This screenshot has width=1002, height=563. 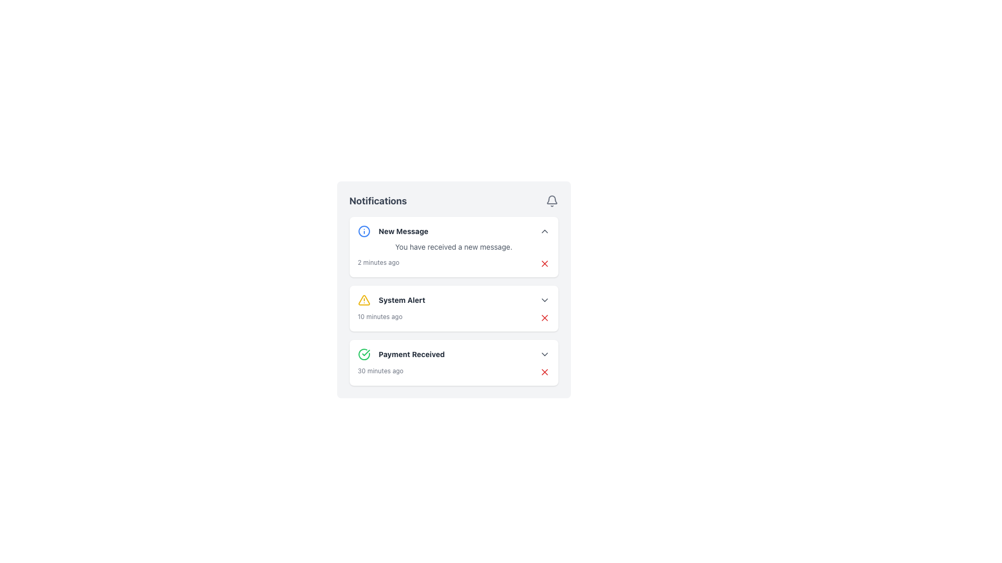 What do you see at coordinates (380, 371) in the screenshot?
I see `the text label that reads '30 minutes ago' in muted gray color, located at the bottom-right corner of the 'Payment Received' notification box` at bounding box center [380, 371].